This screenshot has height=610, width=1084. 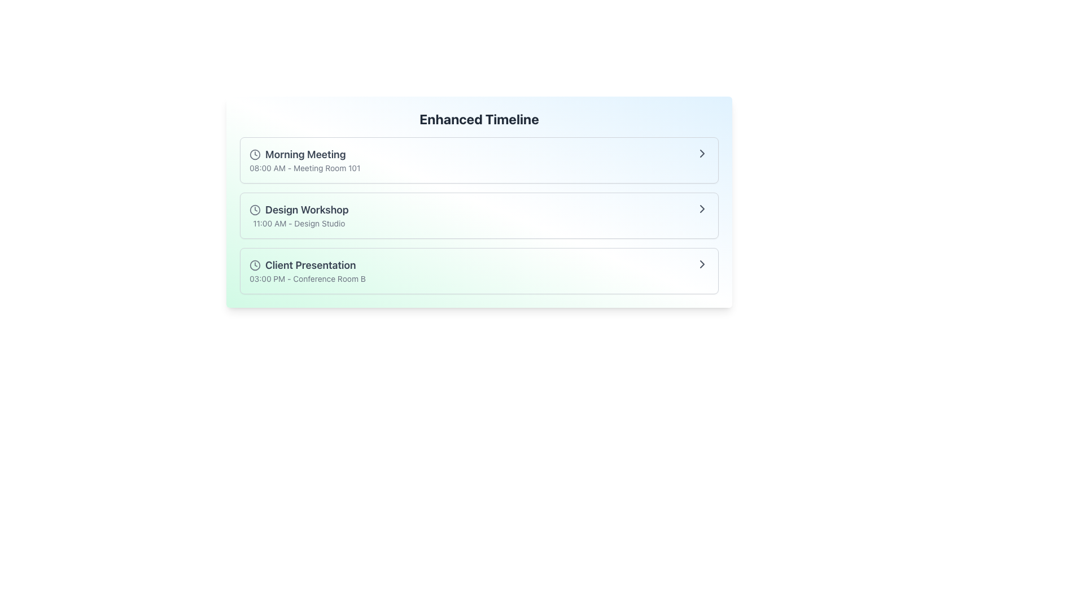 What do you see at coordinates (305, 154) in the screenshot?
I see `title text of the scheduled event entry located at the top of the timeline, which is the first line in the list item` at bounding box center [305, 154].